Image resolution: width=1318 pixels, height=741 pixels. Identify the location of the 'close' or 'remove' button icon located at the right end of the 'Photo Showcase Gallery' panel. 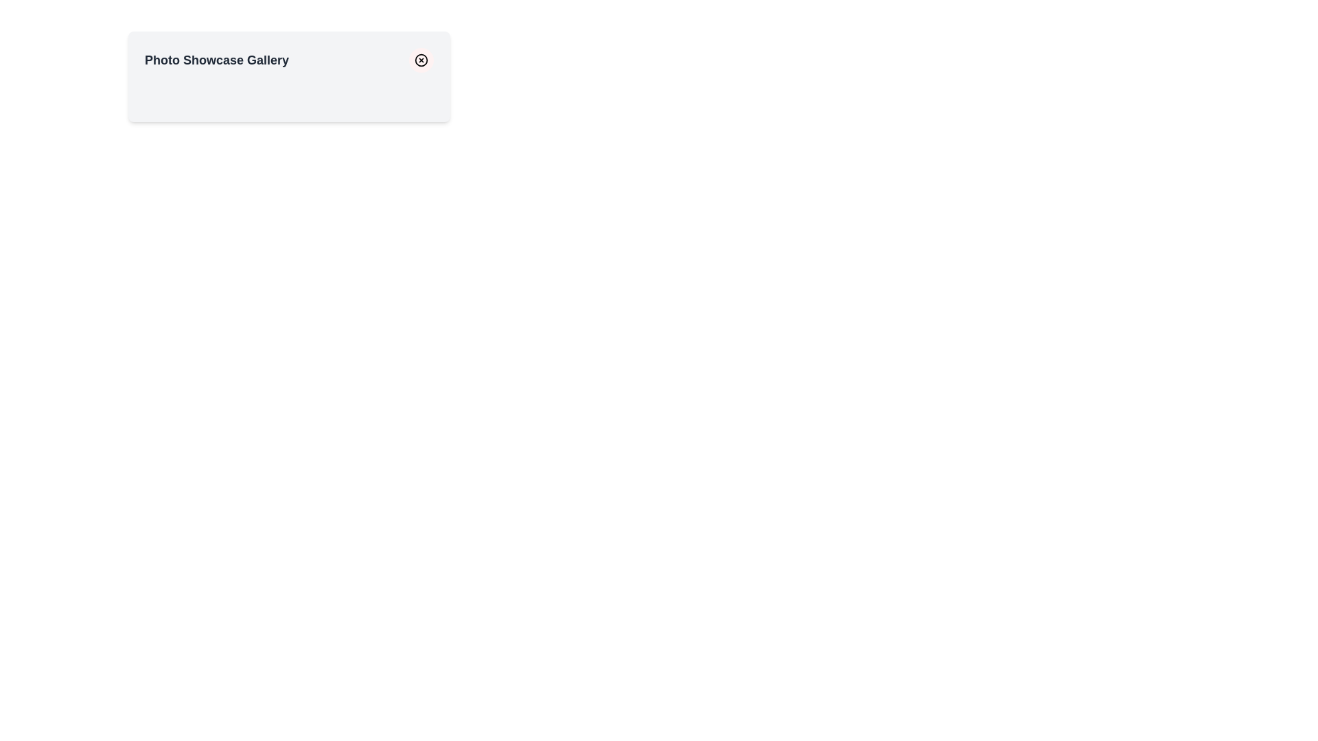
(421, 60).